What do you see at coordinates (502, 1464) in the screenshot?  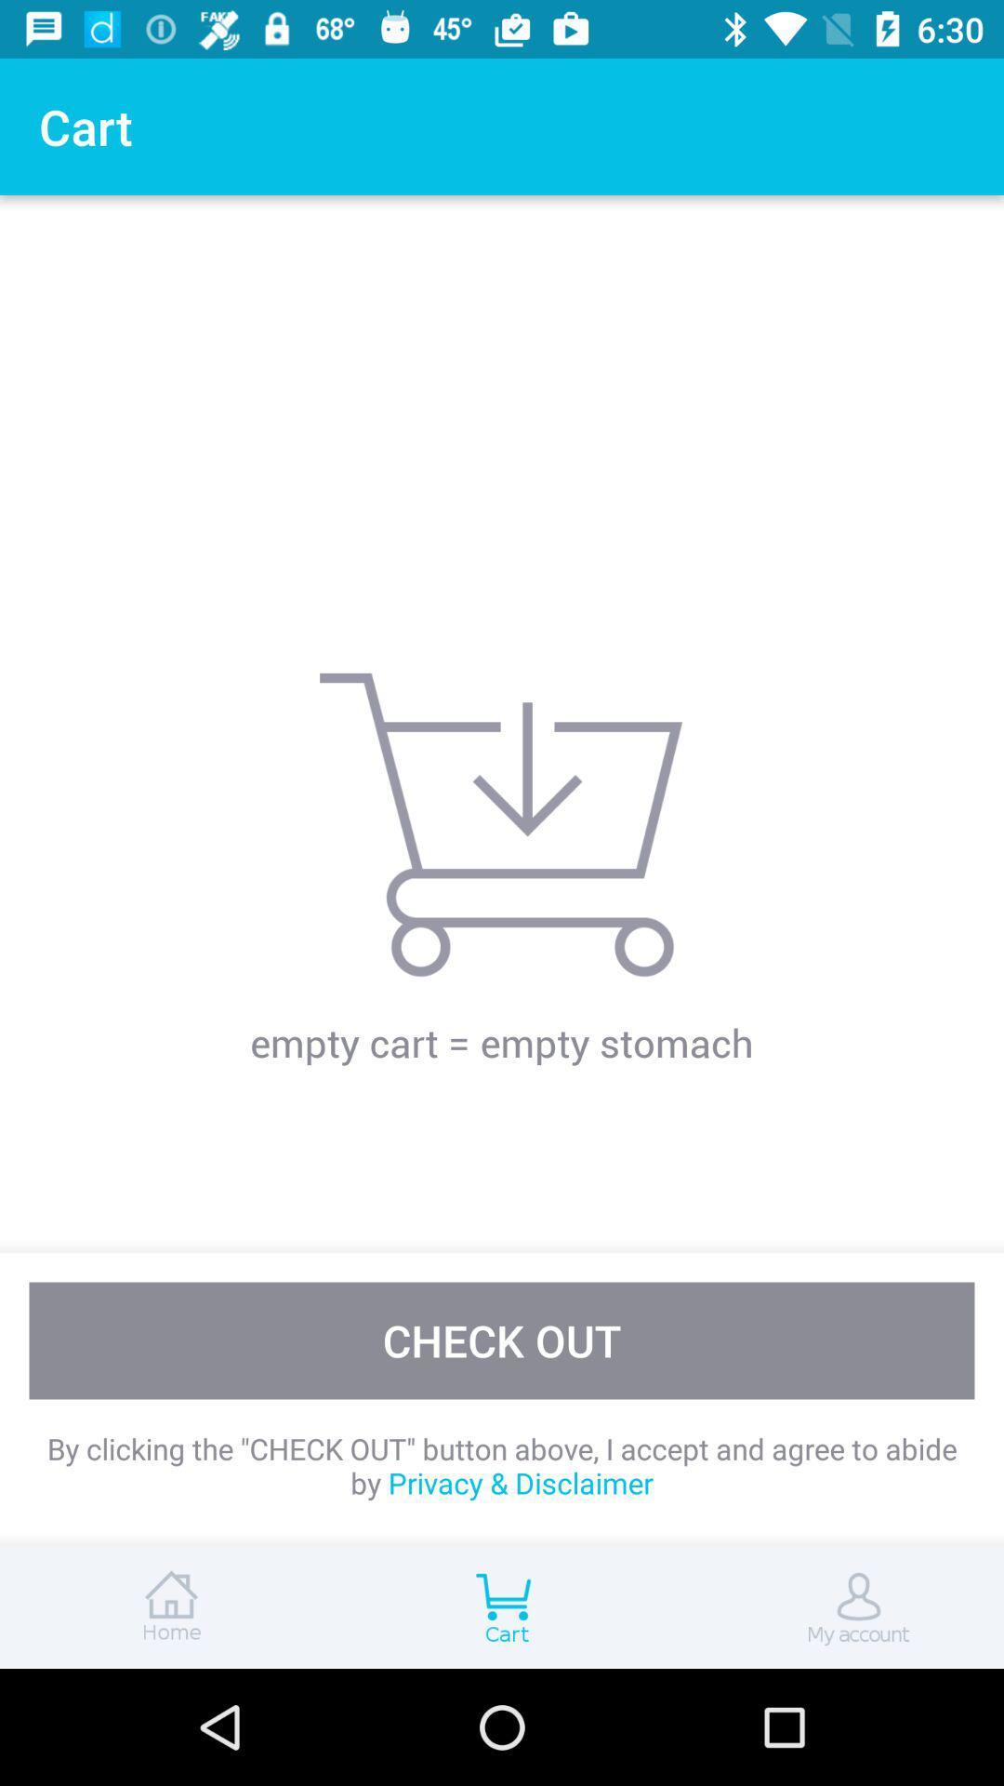 I see `the by clicking the icon` at bounding box center [502, 1464].